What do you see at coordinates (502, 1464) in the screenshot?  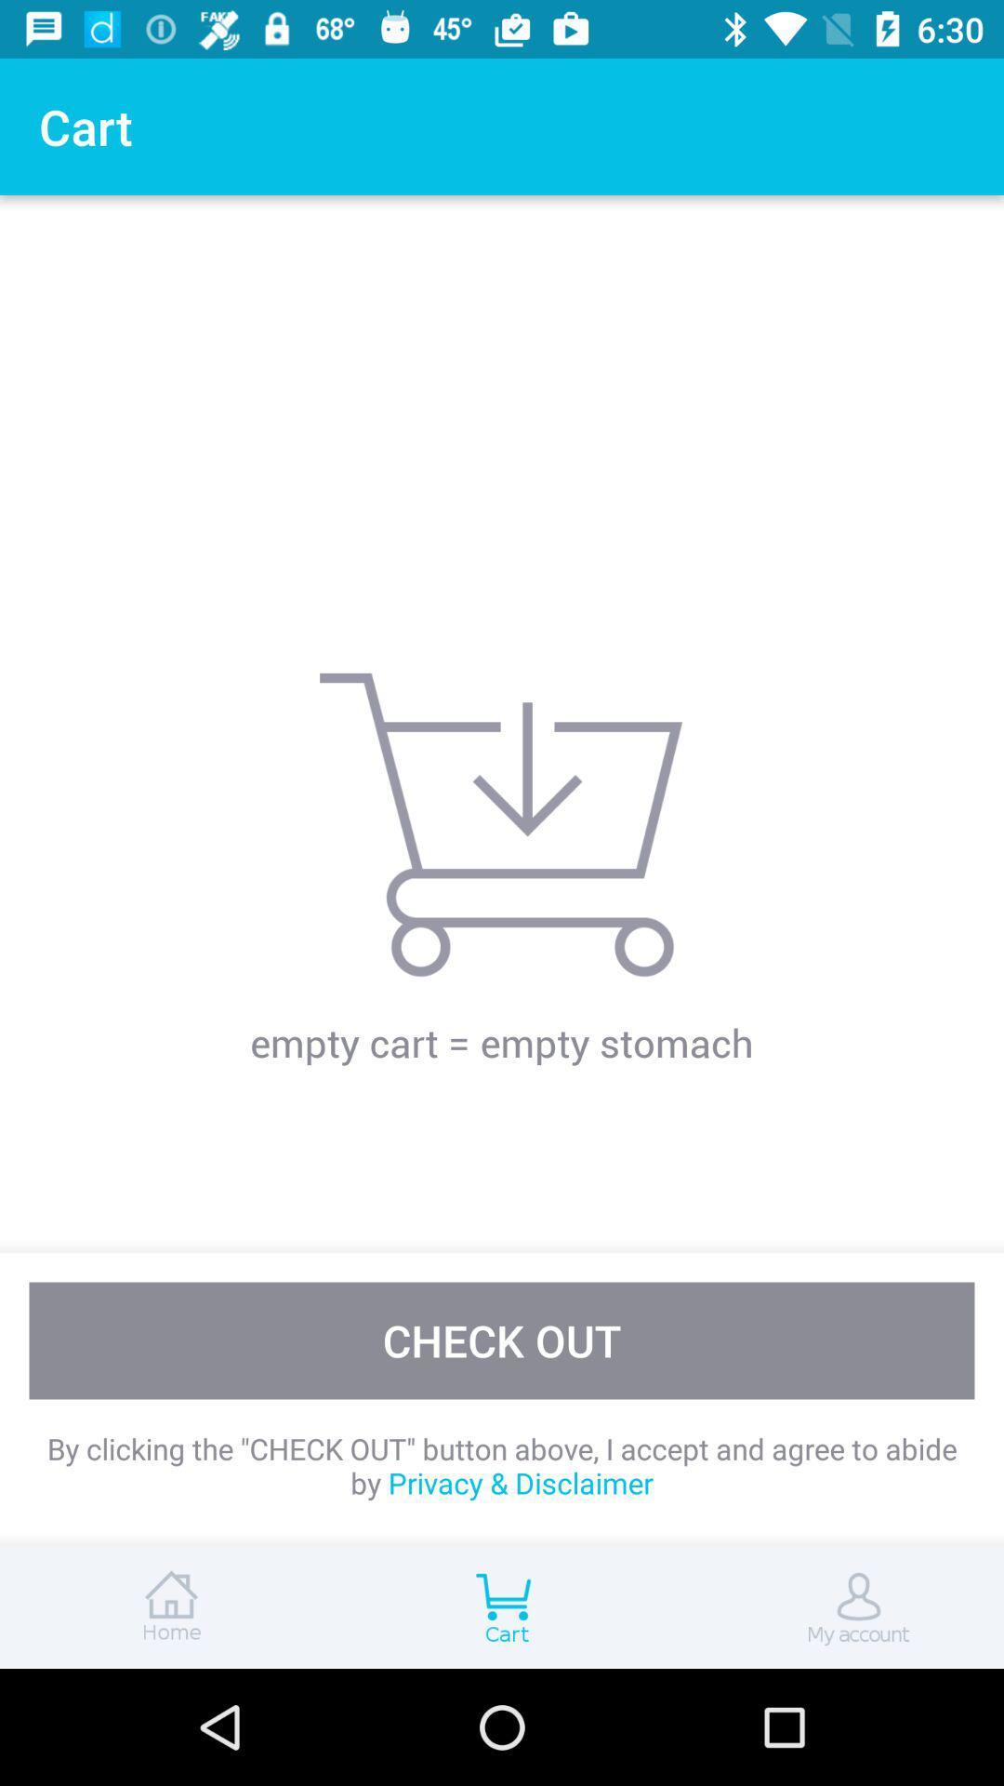 I see `the by clicking the icon` at bounding box center [502, 1464].